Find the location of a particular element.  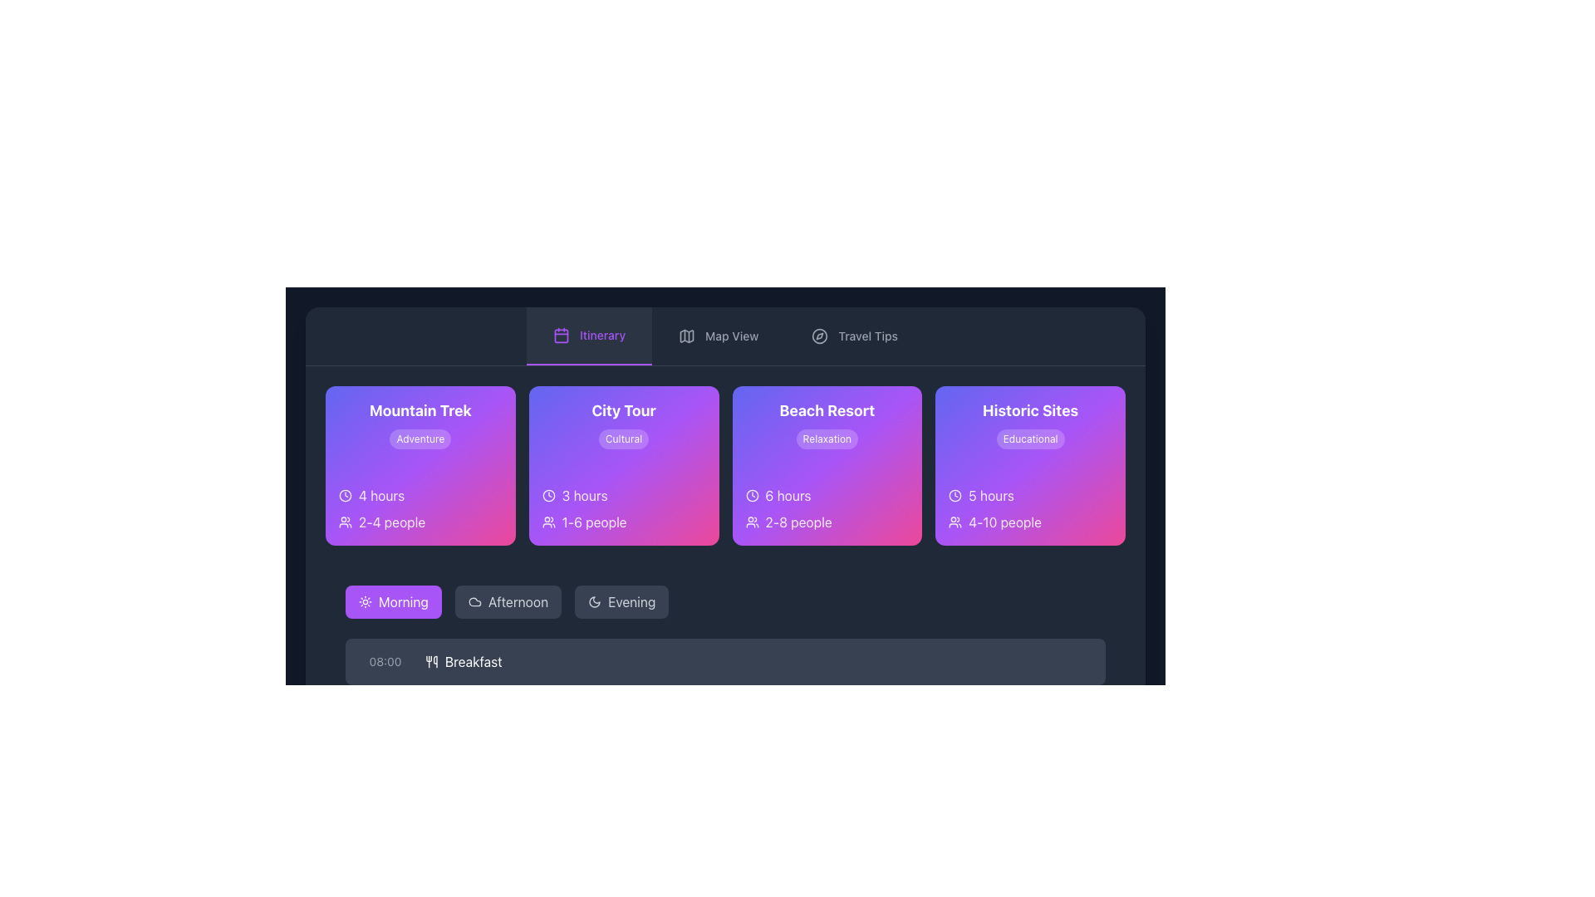

the 'Morning' button, which is a rounded rectangular button with a purple background and white text is located at coordinates (392, 602).